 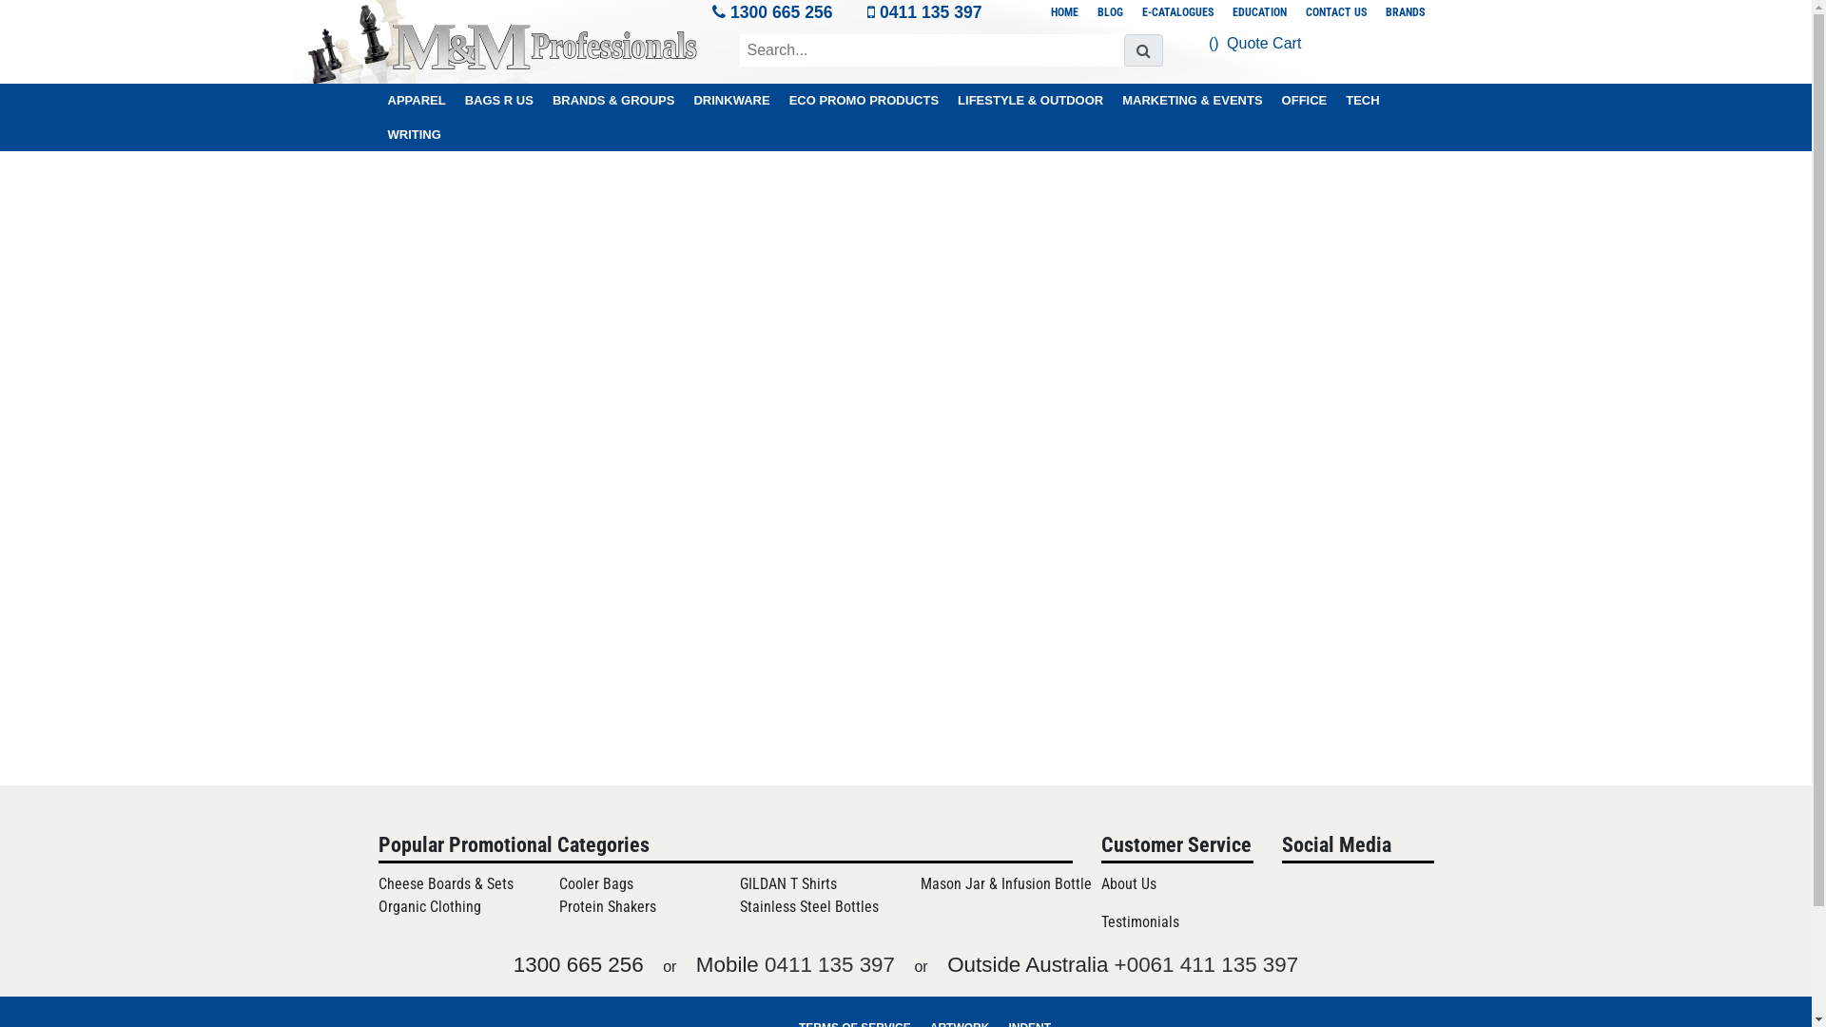 What do you see at coordinates (729, 100) in the screenshot?
I see `'DRINKWARE'` at bounding box center [729, 100].